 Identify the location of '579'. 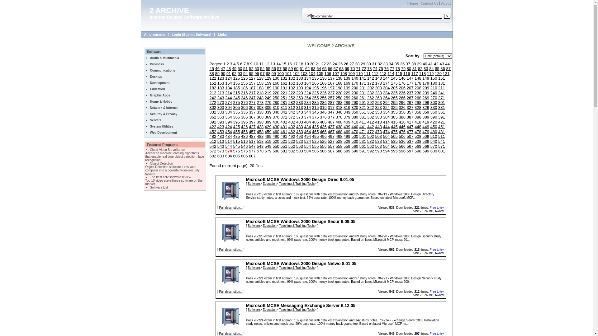
(268, 151).